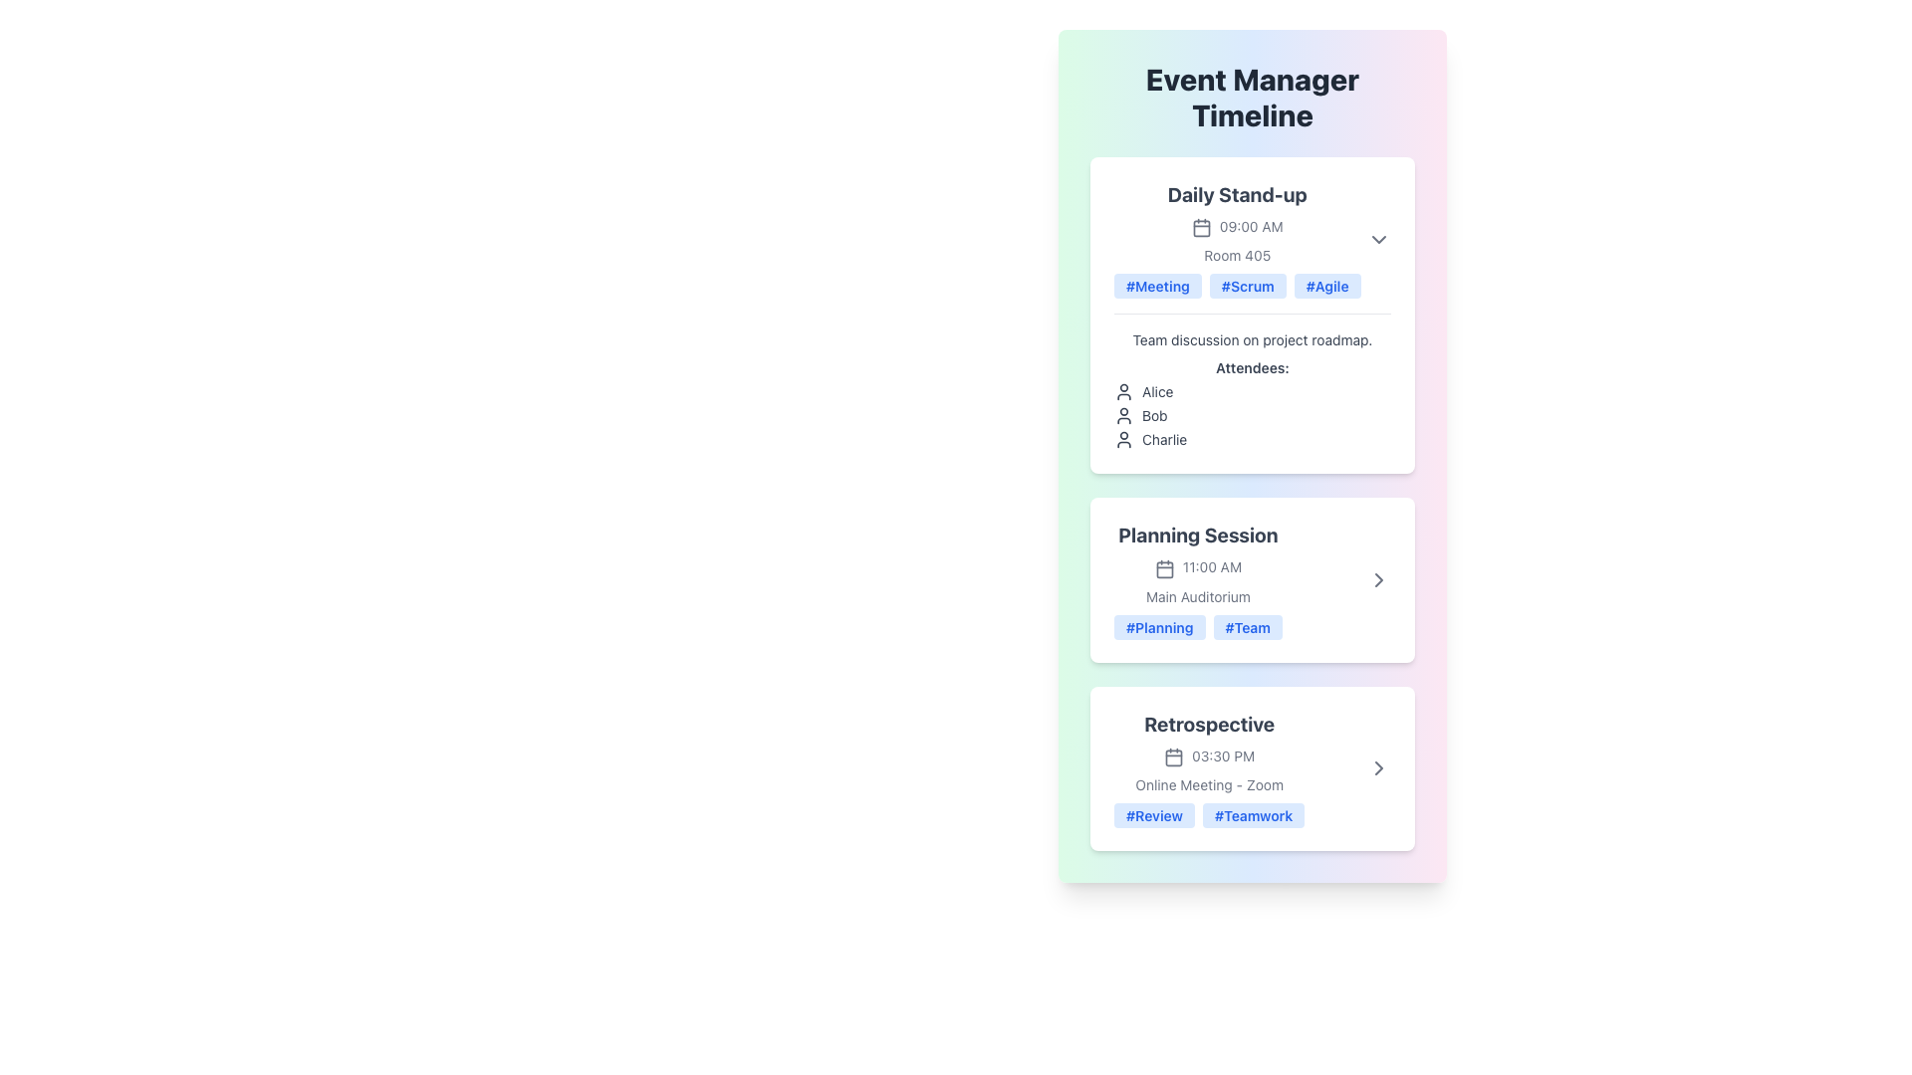 The image size is (1912, 1075). What do you see at coordinates (1200, 227) in the screenshot?
I see `the calendar icon located in the 'Daily Stand-up' event section, positioned just to the left of the '09:00 AM' text` at bounding box center [1200, 227].